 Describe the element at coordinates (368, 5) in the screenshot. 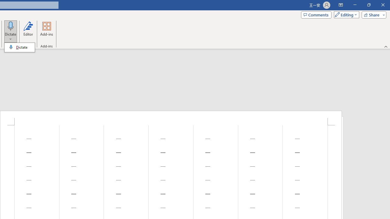

I see `'Restore Down'` at that location.